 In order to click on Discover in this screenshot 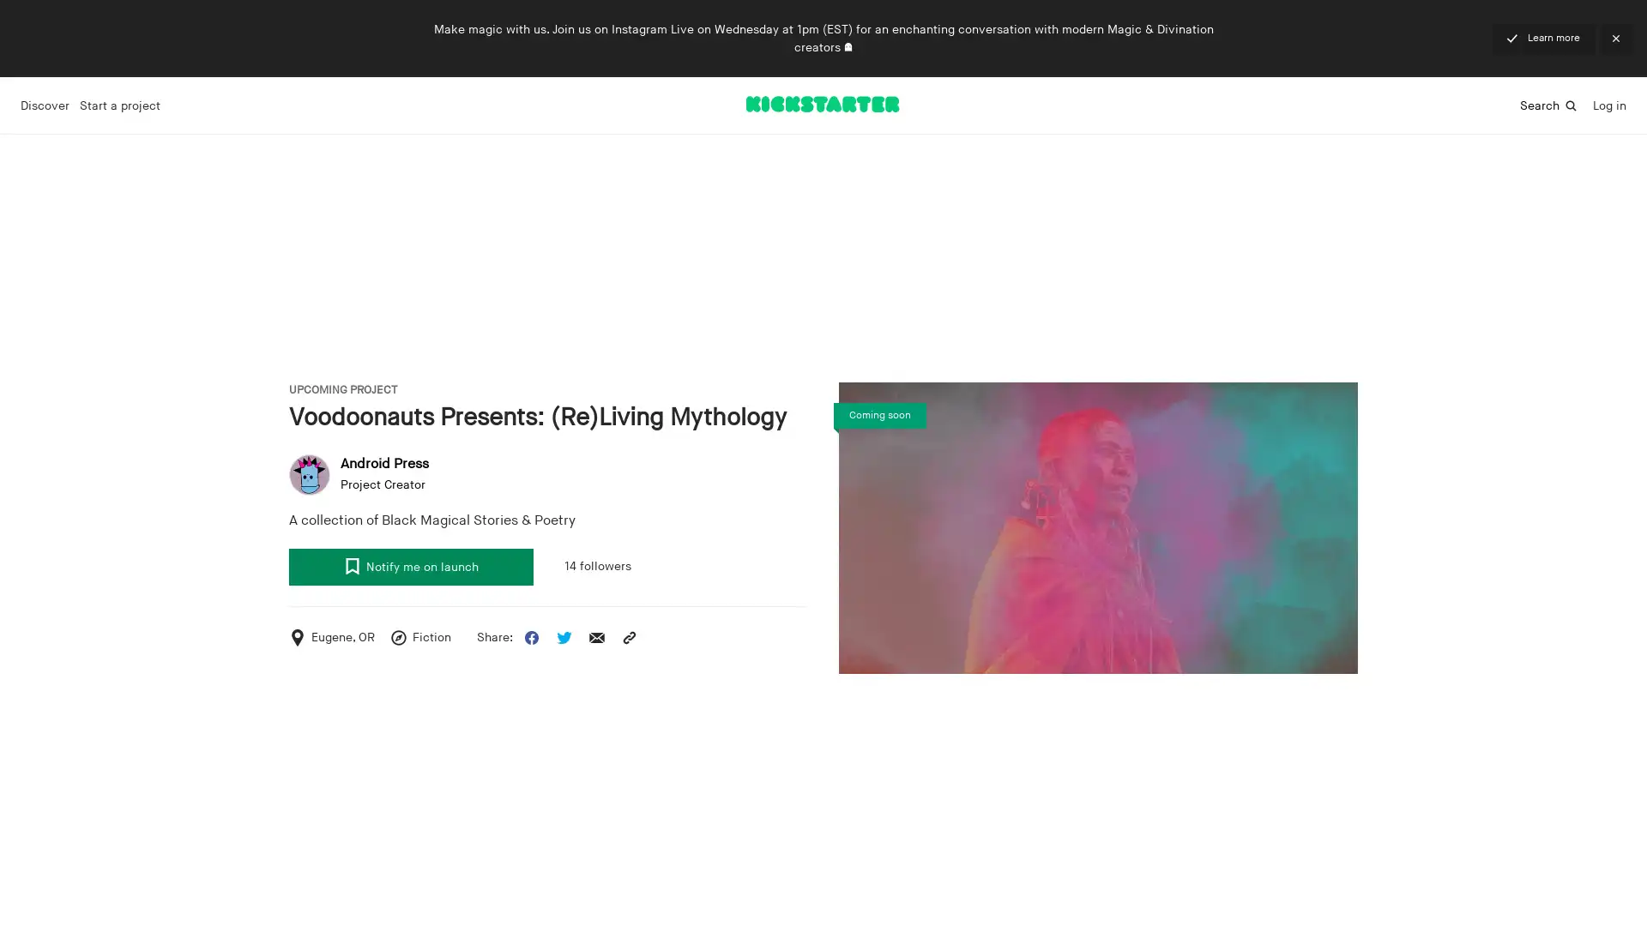, I will do `click(45, 105)`.